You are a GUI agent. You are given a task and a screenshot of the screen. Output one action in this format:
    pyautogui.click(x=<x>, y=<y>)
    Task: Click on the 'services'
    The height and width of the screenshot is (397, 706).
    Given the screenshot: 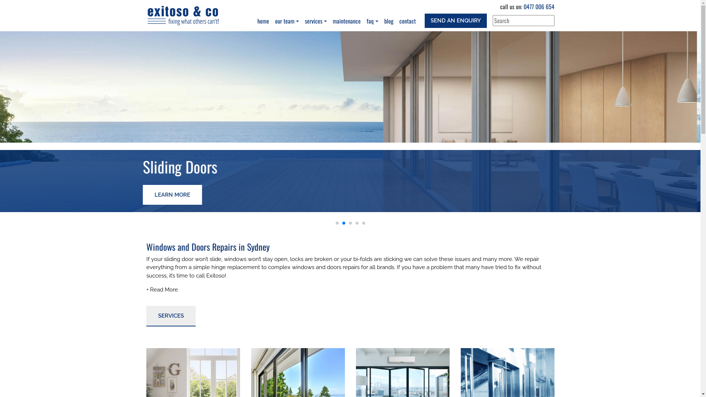 What is the action you would take?
    pyautogui.click(x=316, y=21)
    